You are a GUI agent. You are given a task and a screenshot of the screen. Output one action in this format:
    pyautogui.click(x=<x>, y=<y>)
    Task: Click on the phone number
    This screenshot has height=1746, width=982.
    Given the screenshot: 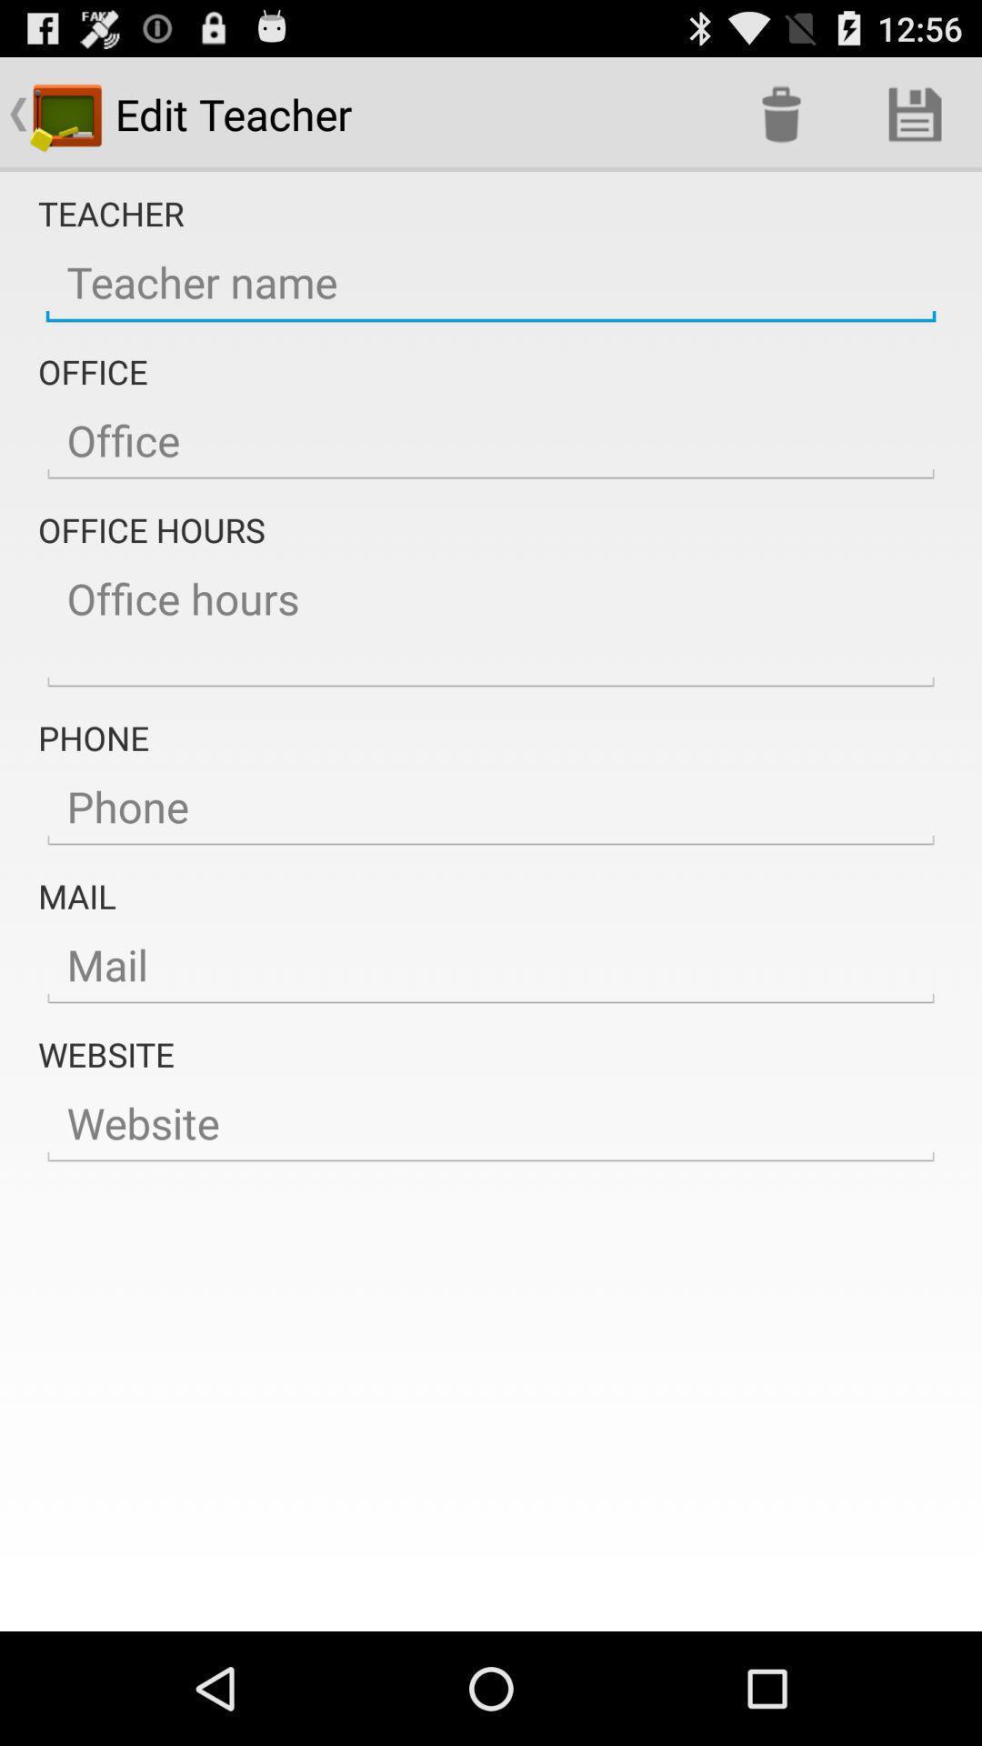 What is the action you would take?
    pyautogui.click(x=491, y=807)
    